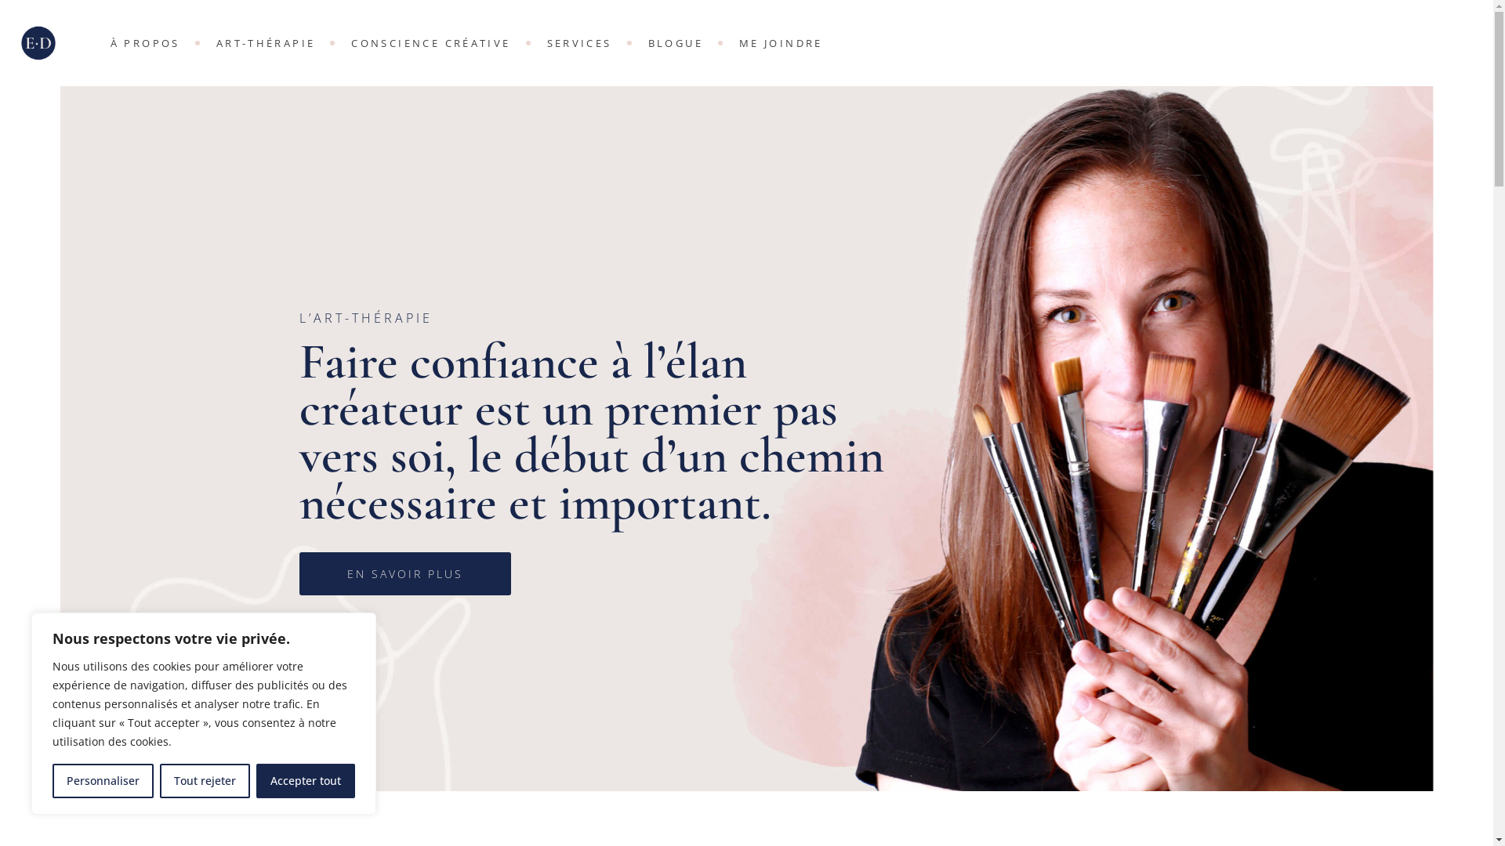 This screenshot has height=846, width=1505. What do you see at coordinates (102, 780) in the screenshot?
I see `'Personnaliser'` at bounding box center [102, 780].